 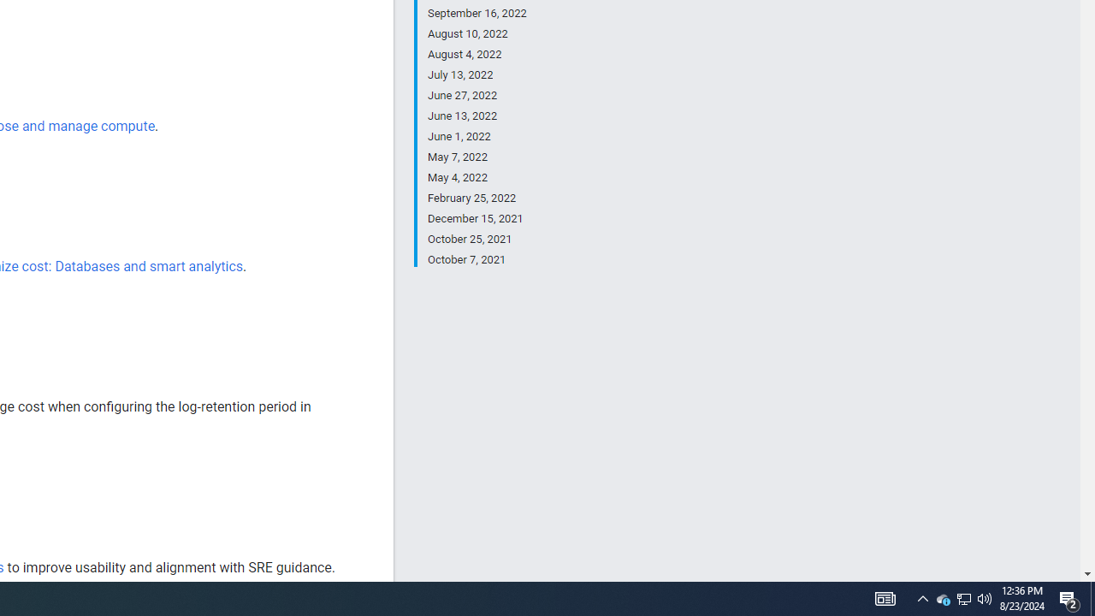 What do you see at coordinates (476, 74) in the screenshot?
I see `'July 13, 2022'` at bounding box center [476, 74].